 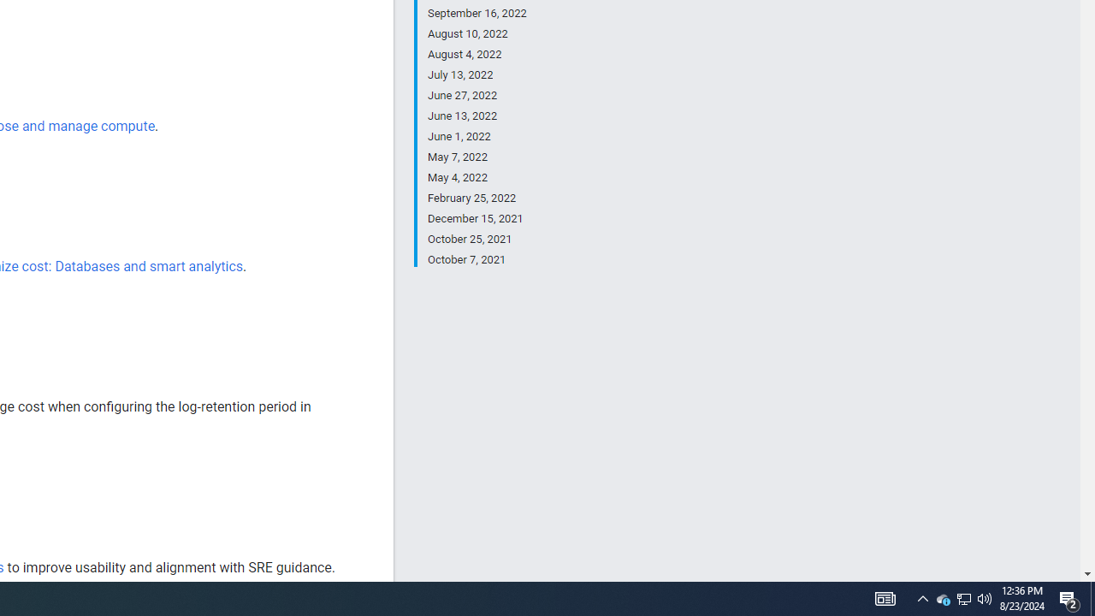 What do you see at coordinates (476, 74) in the screenshot?
I see `'July 13, 2022'` at bounding box center [476, 74].